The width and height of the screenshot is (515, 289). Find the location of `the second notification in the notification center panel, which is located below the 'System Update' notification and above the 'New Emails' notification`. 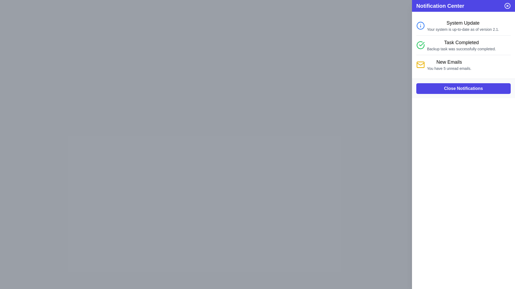

the second notification in the notification center panel, which is located below the 'System Update' notification and above the 'New Emails' notification is located at coordinates (463, 45).